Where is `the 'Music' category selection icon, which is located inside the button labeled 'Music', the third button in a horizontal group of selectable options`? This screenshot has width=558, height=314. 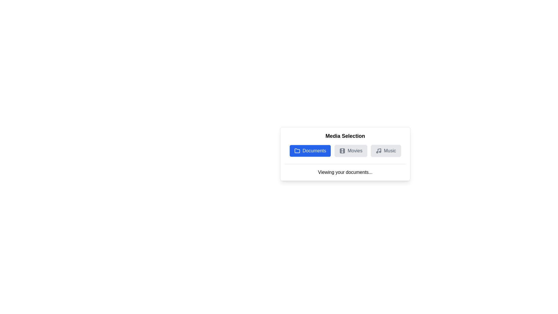 the 'Music' category selection icon, which is located inside the button labeled 'Music', the third button in a horizontal group of selectable options is located at coordinates (378, 151).